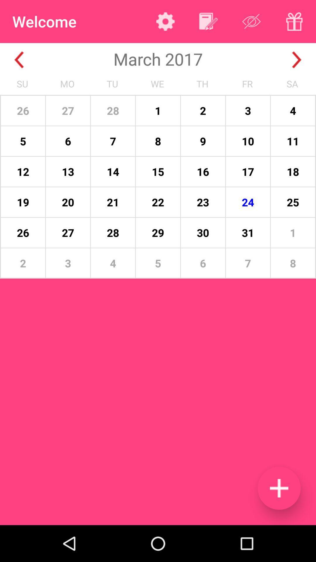 The width and height of the screenshot is (316, 562). Describe the element at coordinates (297, 60) in the screenshot. I see `next month` at that location.